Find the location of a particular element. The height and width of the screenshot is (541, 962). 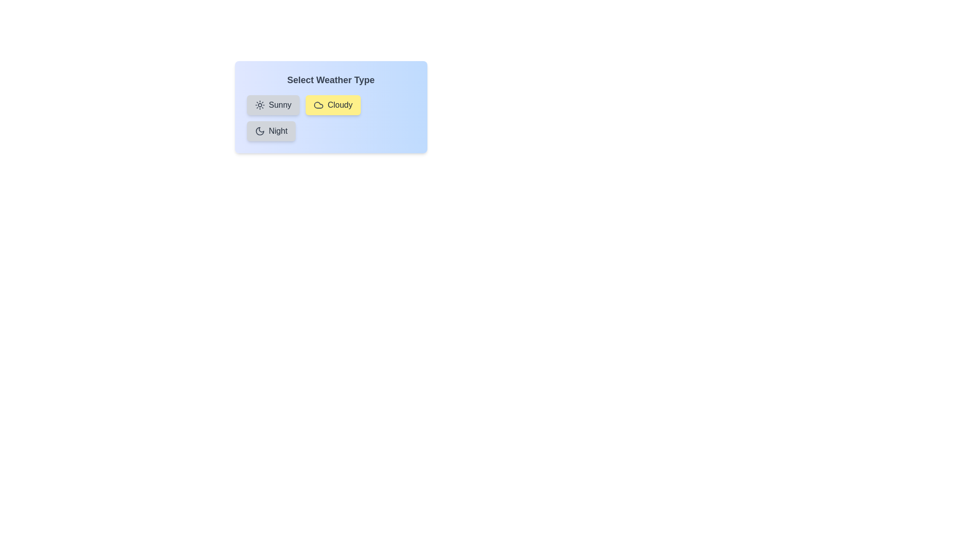

the icon of the weather type Night is located at coordinates (260, 131).